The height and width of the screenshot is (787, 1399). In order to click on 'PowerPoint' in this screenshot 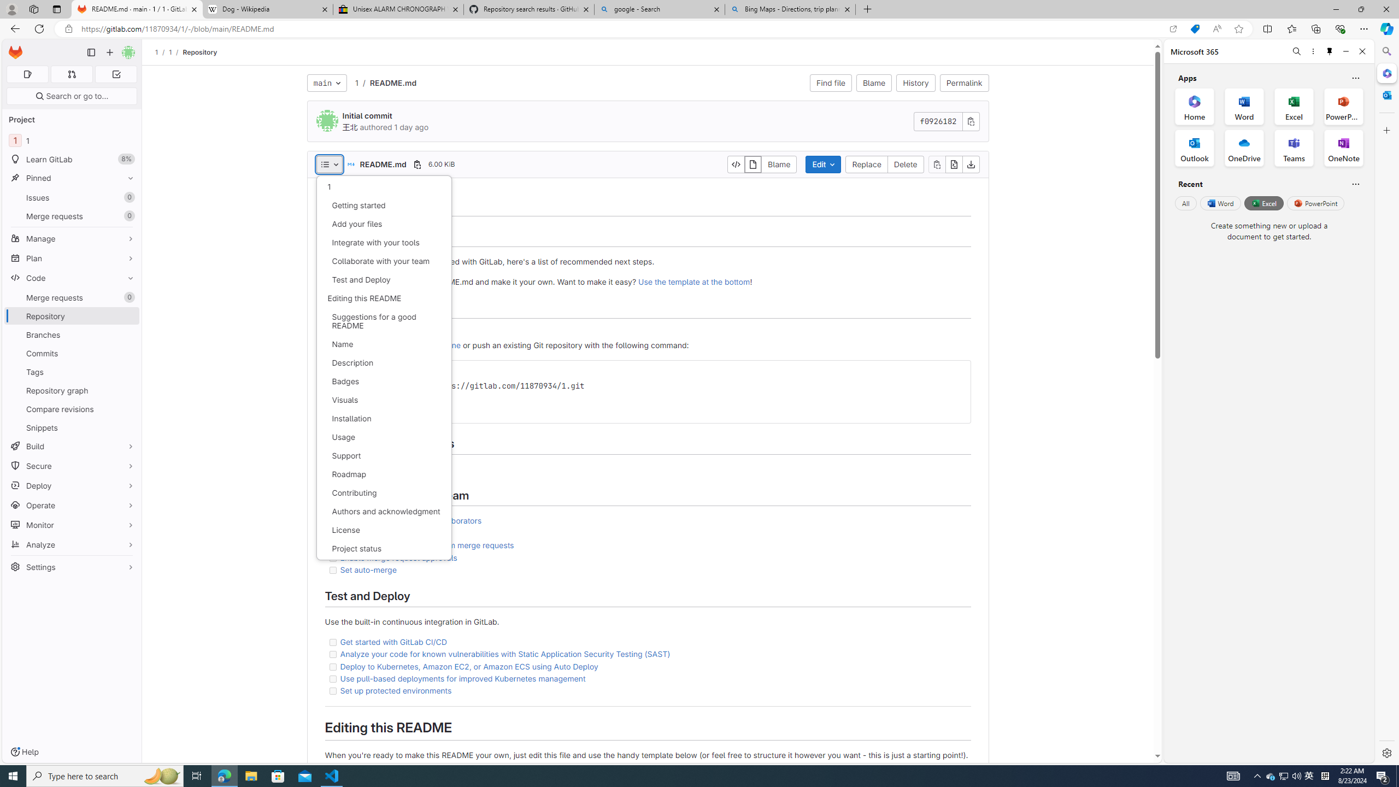, I will do `click(1315, 203)`.